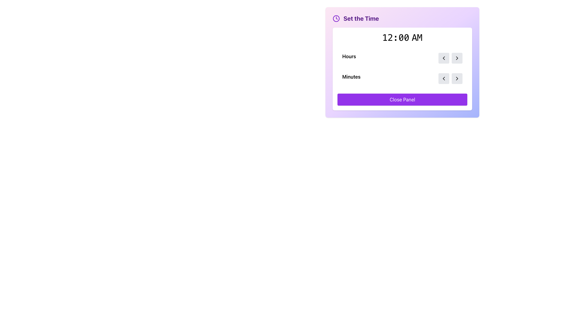  What do you see at coordinates (444, 58) in the screenshot?
I see `the button that decreases the hour in the 'Set the Time' interface, located to the right of the 'Hours' label` at bounding box center [444, 58].